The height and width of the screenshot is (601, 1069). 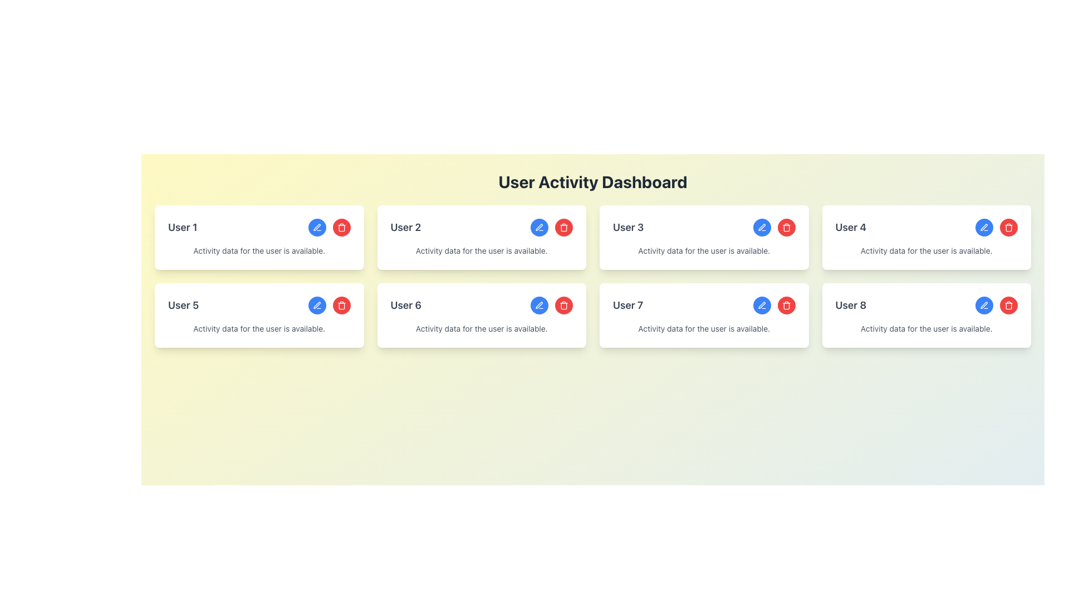 What do you see at coordinates (316, 305) in the screenshot?
I see `the blue stylized pen icon located next to the text 'User 5' at the bottom of the card` at bounding box center [316, 305].